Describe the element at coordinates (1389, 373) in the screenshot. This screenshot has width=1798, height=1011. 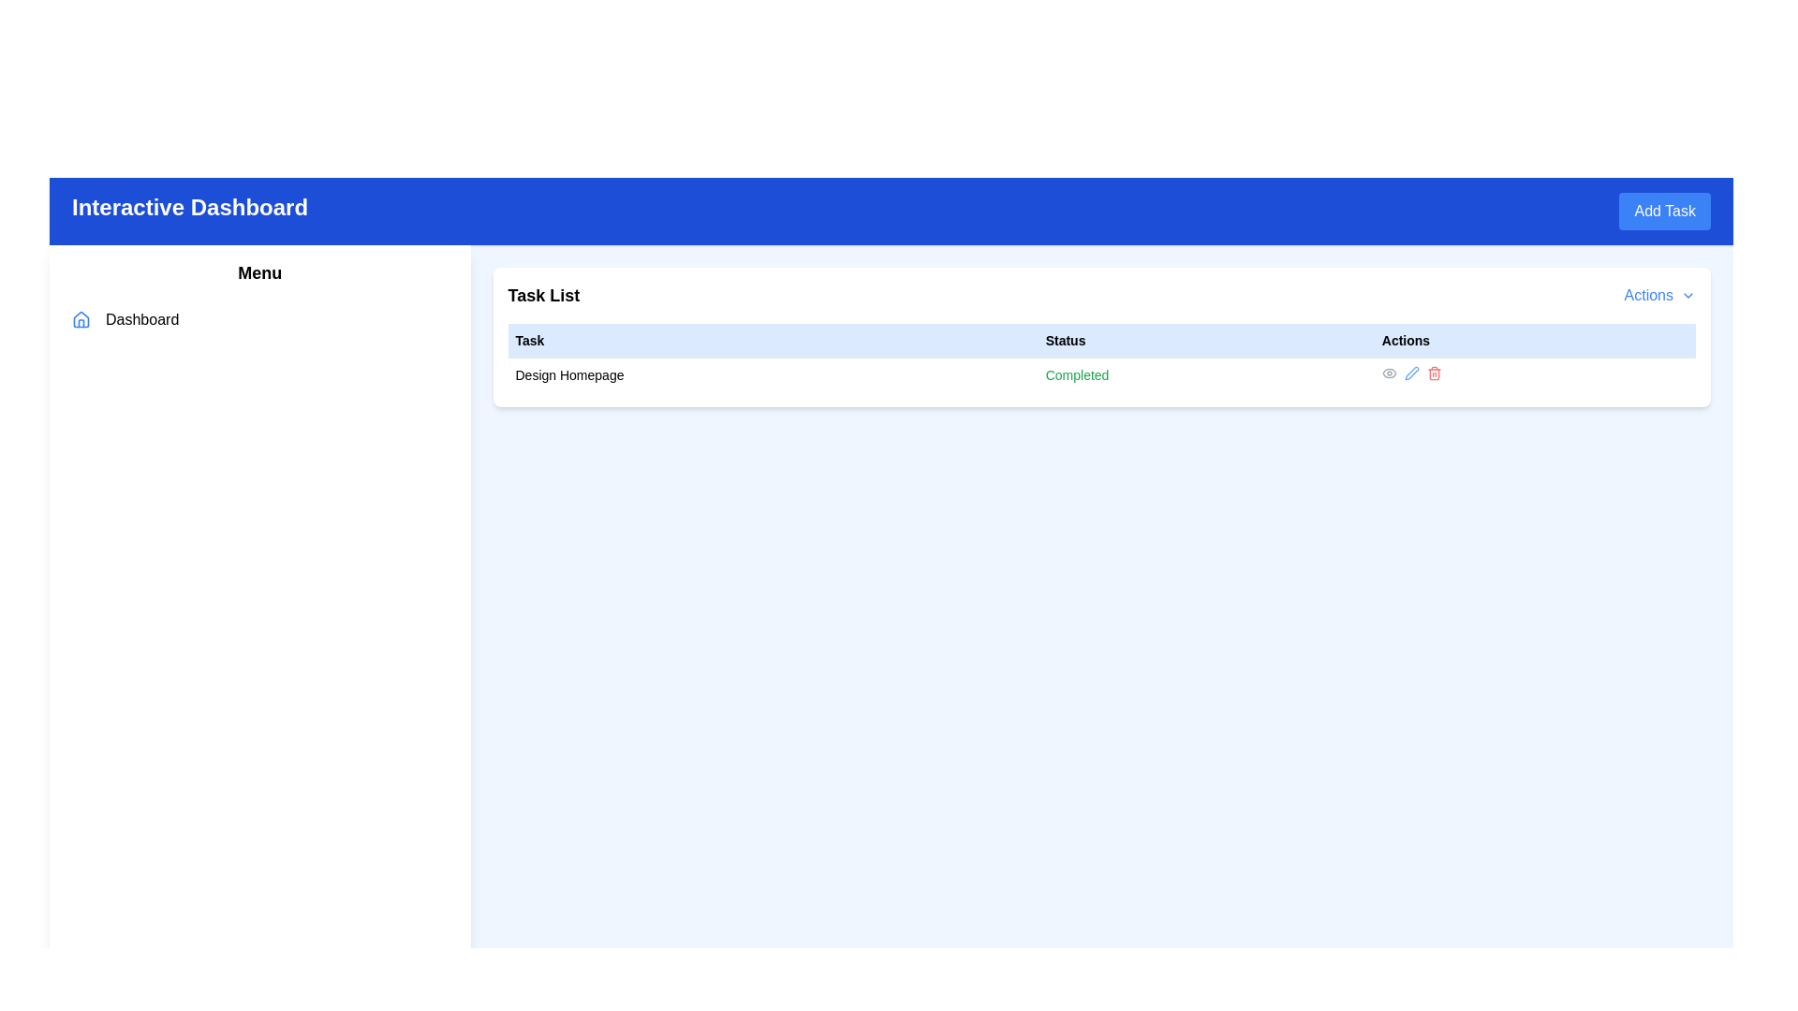
I see `the eye-shaped gray button located in the 'Actions' column of the task table to invoke its function` at that location.